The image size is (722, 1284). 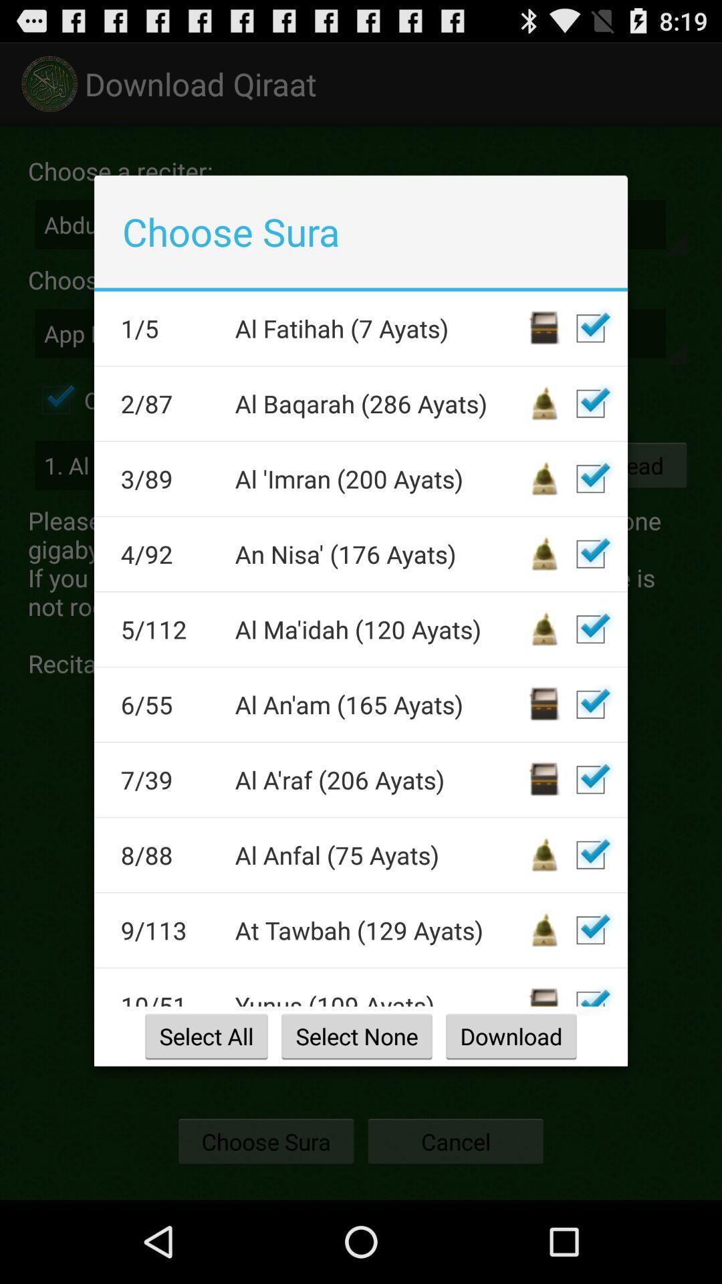 I want to click on download selection, so click(x=590, y=479).